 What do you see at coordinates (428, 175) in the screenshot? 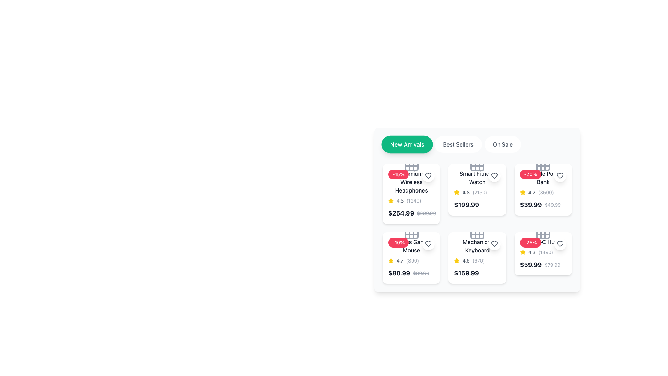
I see `the heart-shaped icon filled with a hollow outline located in the top-right corner of the product card` at bounding box center [428, 175].